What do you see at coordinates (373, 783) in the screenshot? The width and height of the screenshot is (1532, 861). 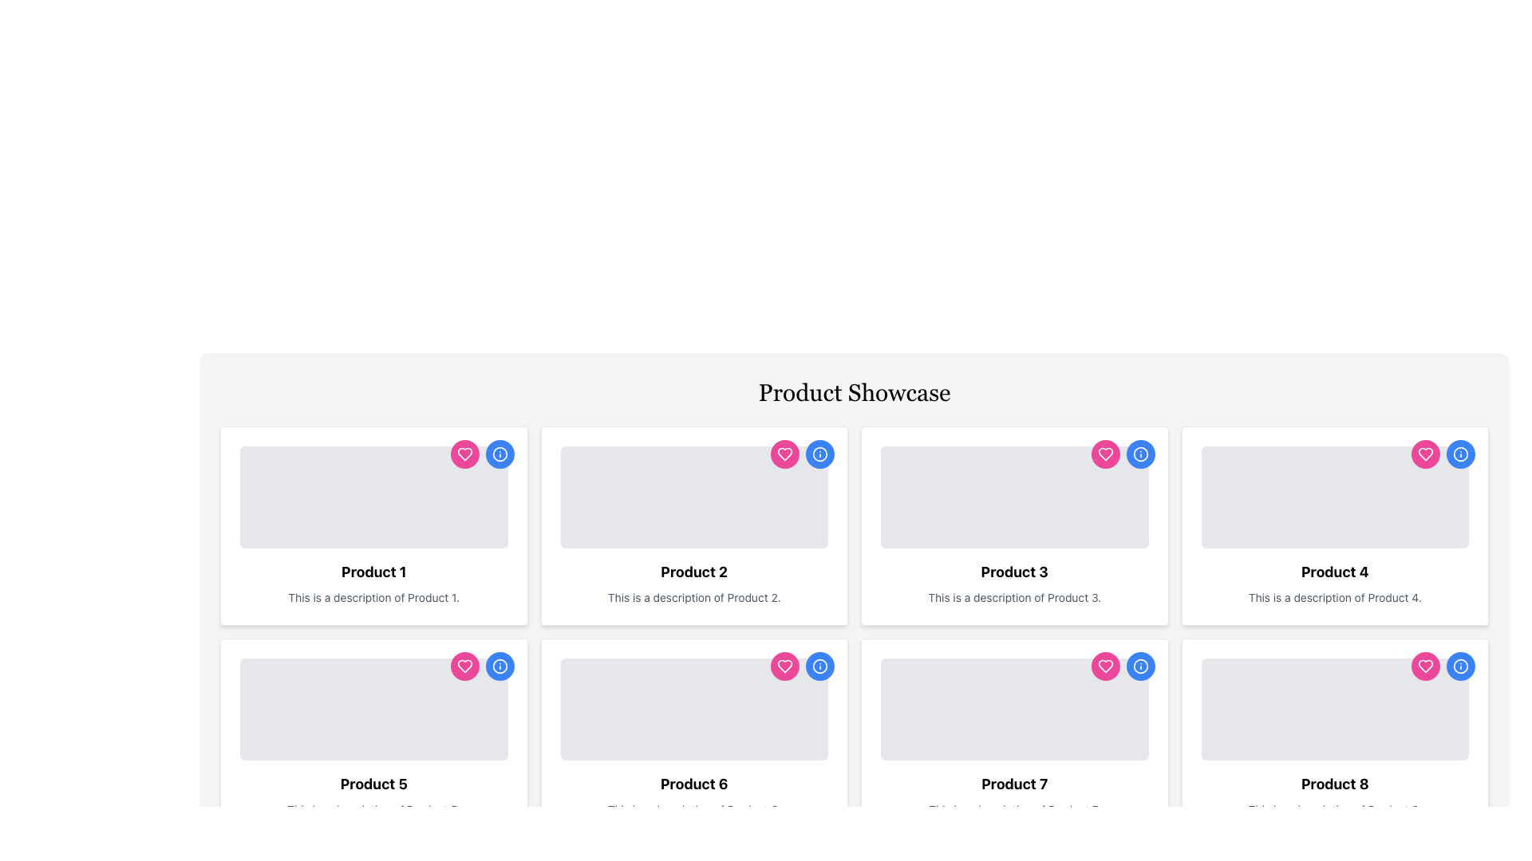 I see `text label 'Product 5' displayed in bold black font located in the middle column of the second row of the grid layout` at bounding box center [373, 783].